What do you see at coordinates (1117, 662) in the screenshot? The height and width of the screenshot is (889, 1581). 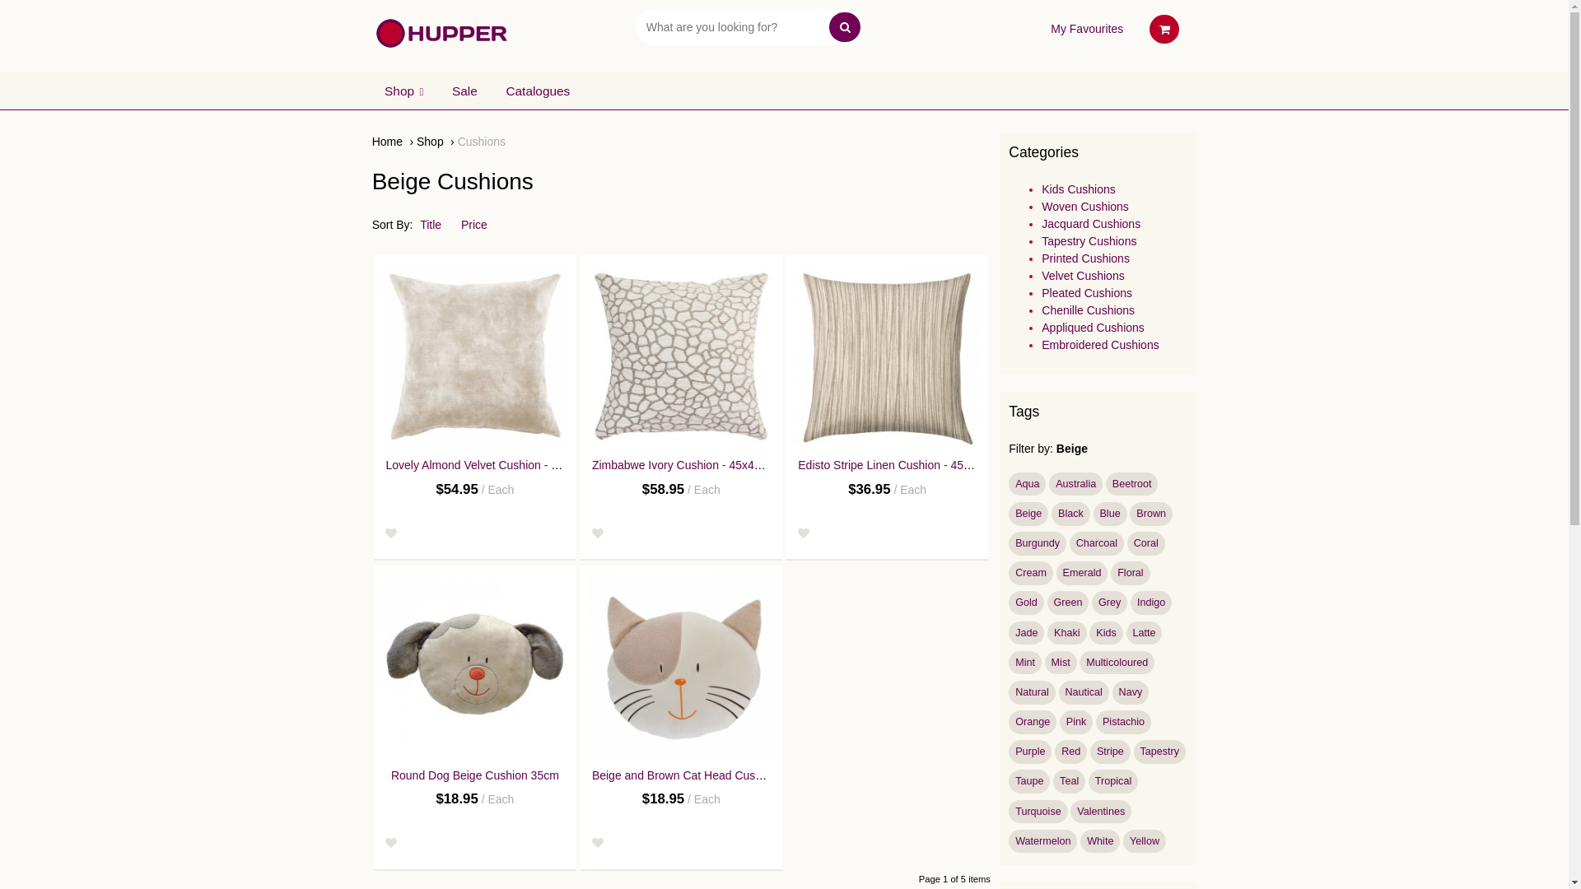 I see `'Multicoloured'` at bounding box center [1117, 662].